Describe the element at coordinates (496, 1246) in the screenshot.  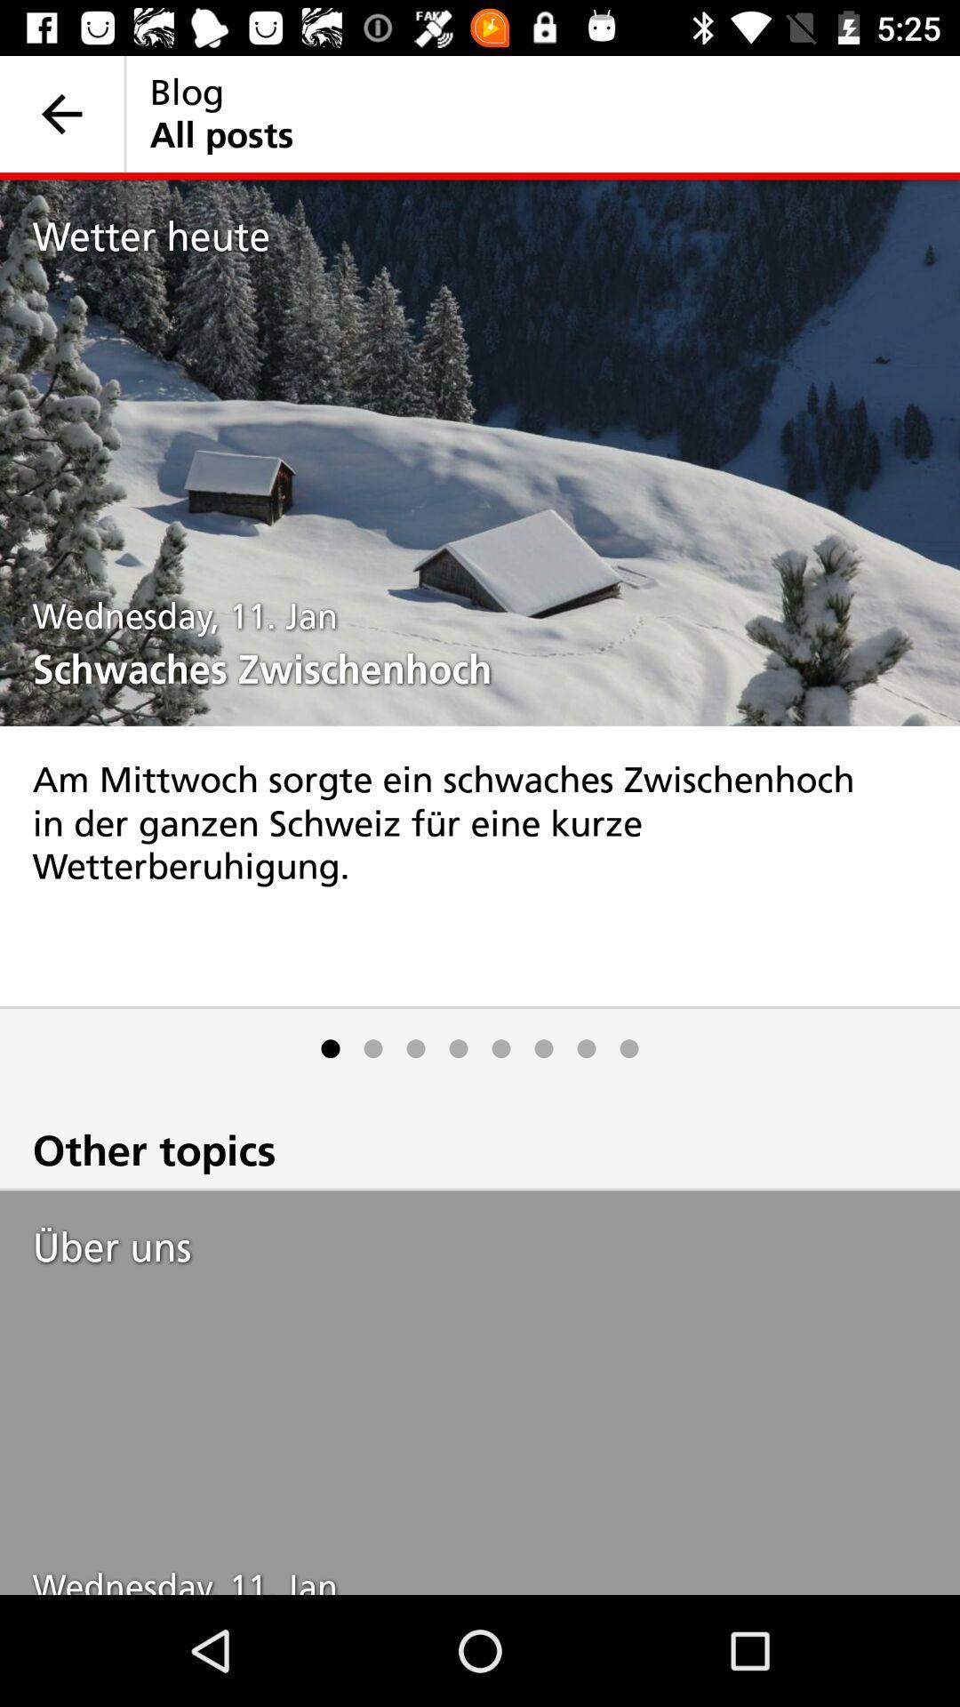
I see `the item below the other topics icon` at that location.